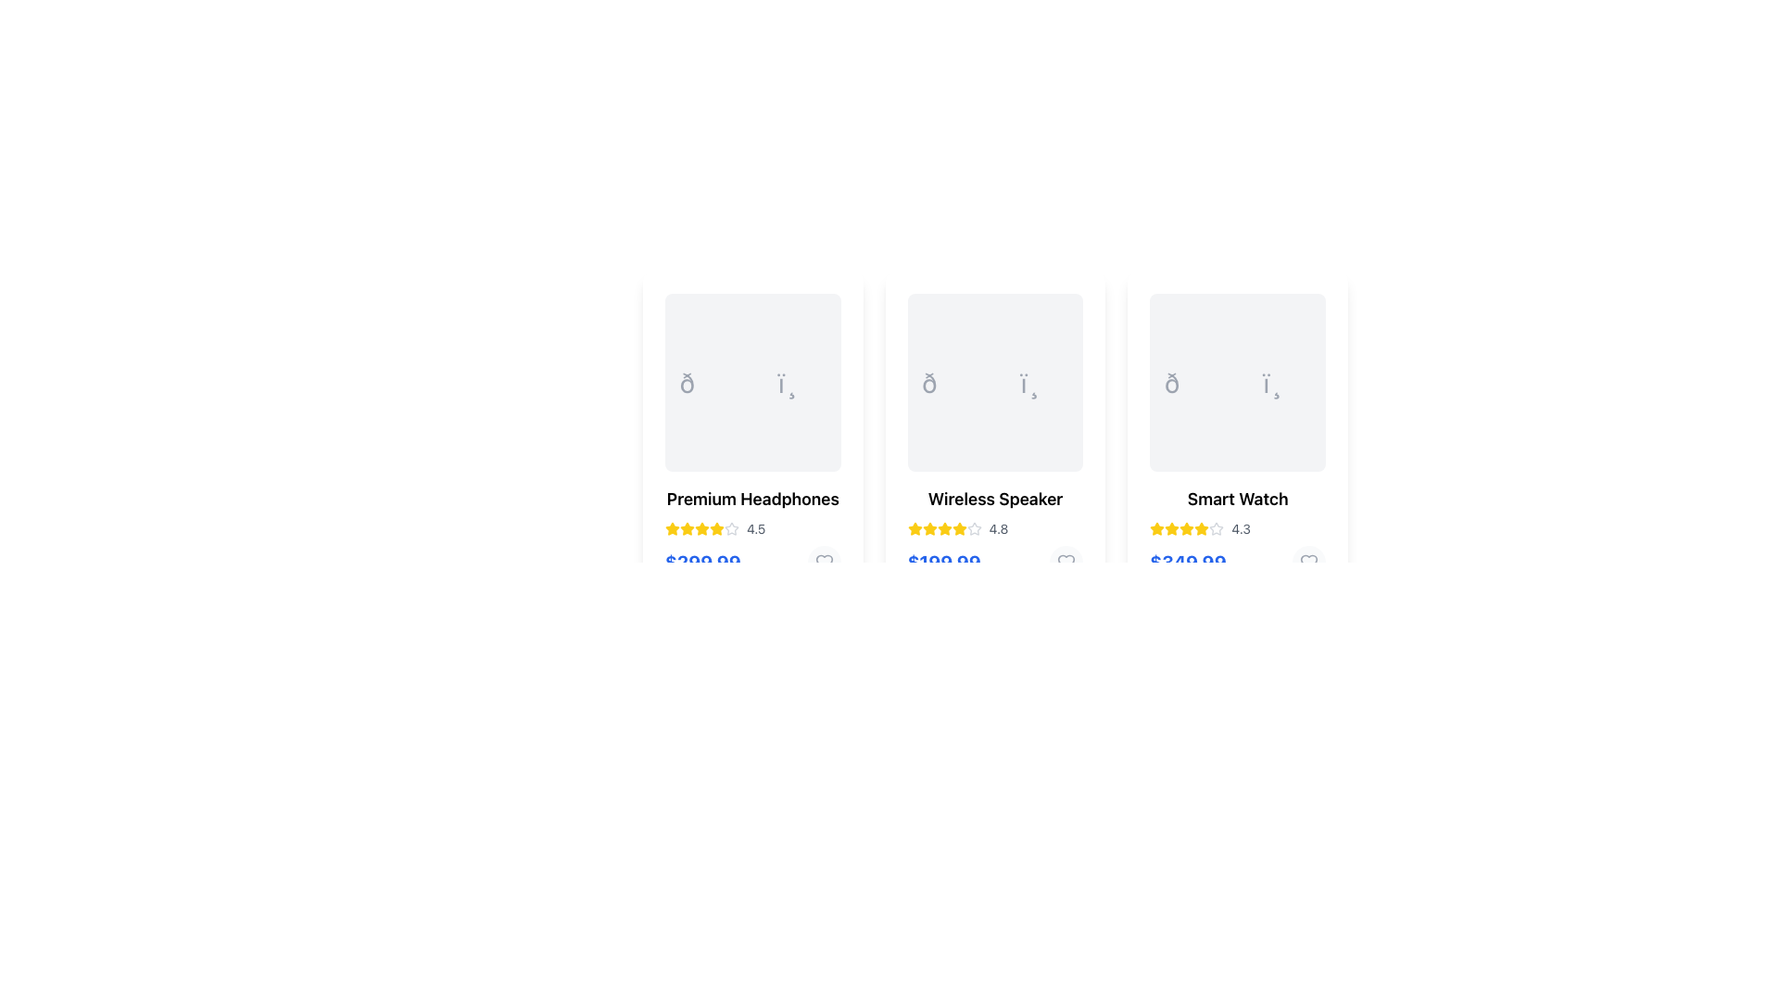 The image size is (1779, 1001). What do you see at coordinates (1241, 528) in the screenshot?
I see `the text element displaying the rating '4.3', which is positioned directly to the right of the last star icon in the product listing card` at bounding box center [1241, 528].